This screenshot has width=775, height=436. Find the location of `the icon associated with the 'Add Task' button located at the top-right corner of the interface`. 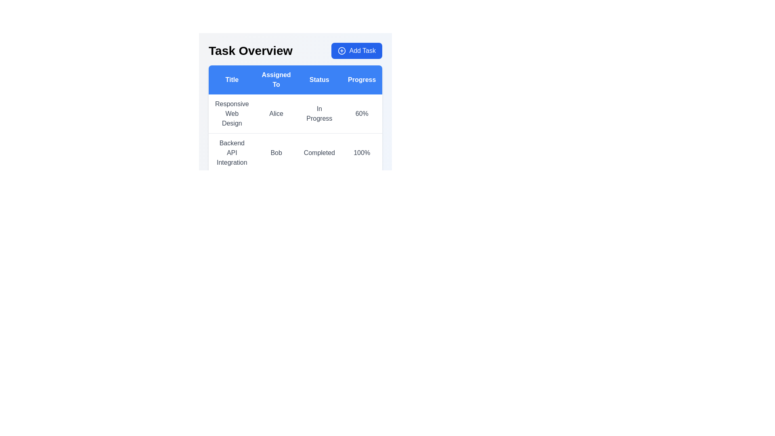

the icon associated with the 'Add Task' button located at the top-right corner of the interface is located at coordinates (342, 51).